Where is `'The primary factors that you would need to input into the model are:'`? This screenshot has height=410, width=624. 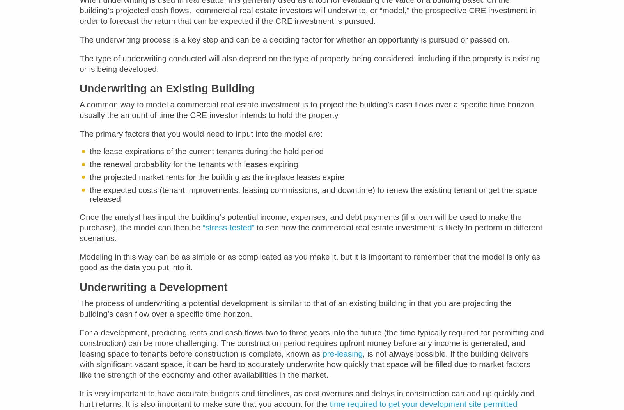 'The primary factors that you would need to input into the model are:' is located at coordinates (200, 139).